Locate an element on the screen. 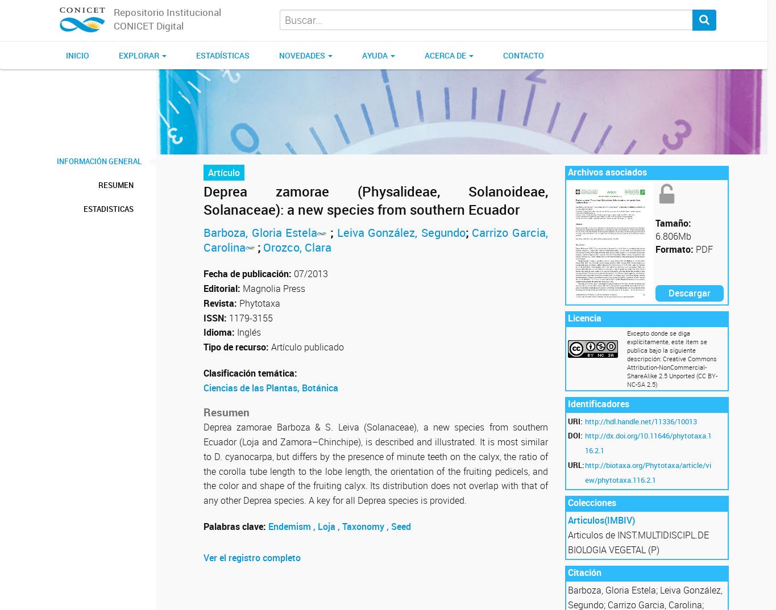 This screenshot has width=776, height=610. 'INFORMACIÓN GENERAL' is located at coordinates (98, 161).